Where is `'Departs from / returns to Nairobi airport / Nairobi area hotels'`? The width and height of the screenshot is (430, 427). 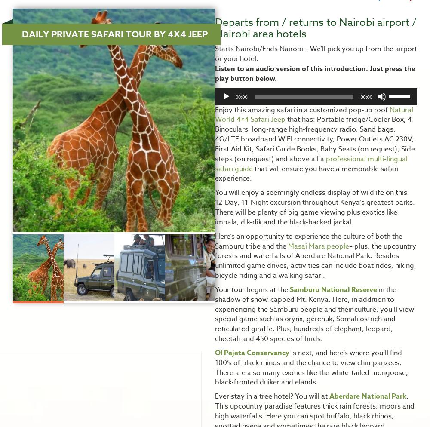
'Departs from / returns to Nairobi airport / Nairobi area hotels' is located at coordinates (315, 28).